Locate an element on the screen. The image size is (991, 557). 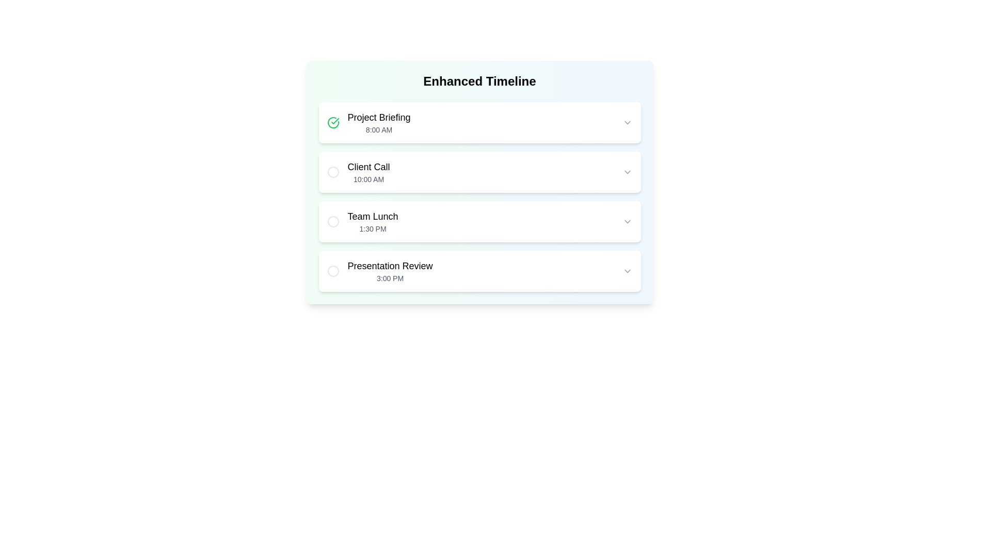
the 'Team Lunch' text display block, which features a larger bold title and a smaller gray subtitle, to possibly view more details is located at coordinates (372, 221).